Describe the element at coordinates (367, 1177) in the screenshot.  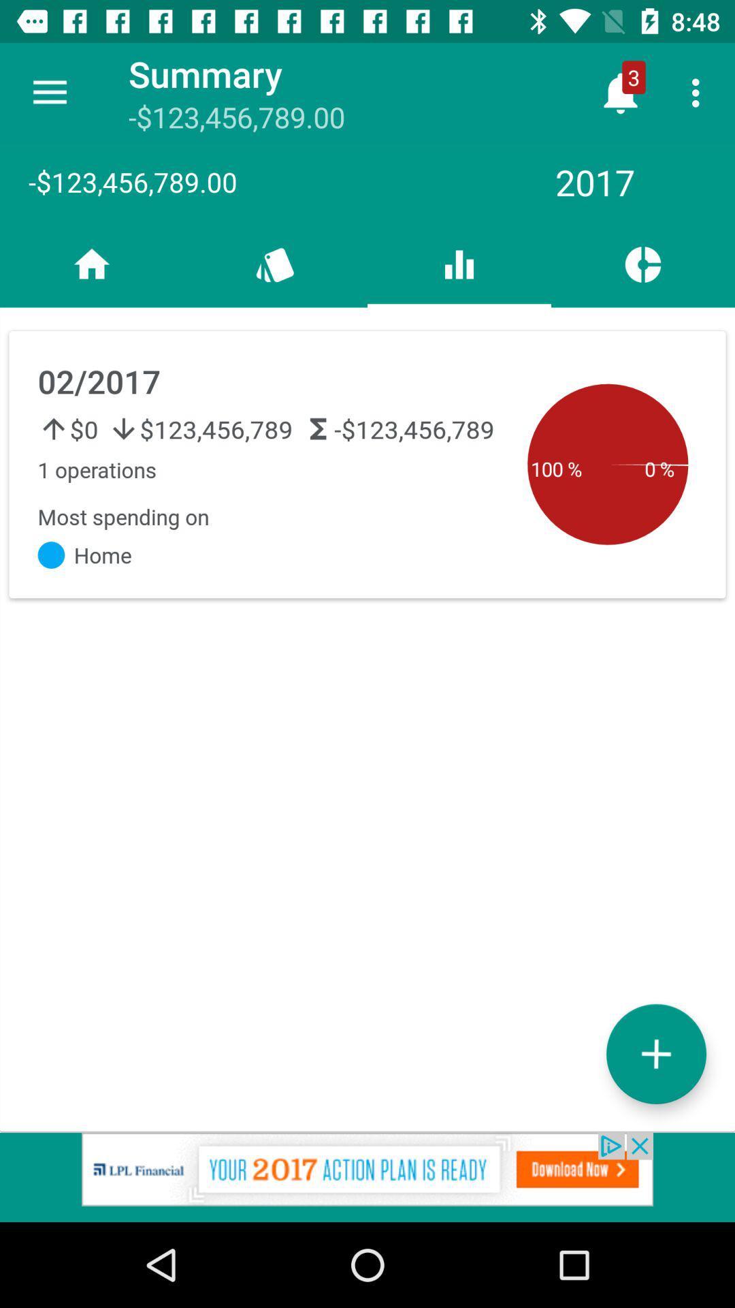
I see `advertisement` at that location.